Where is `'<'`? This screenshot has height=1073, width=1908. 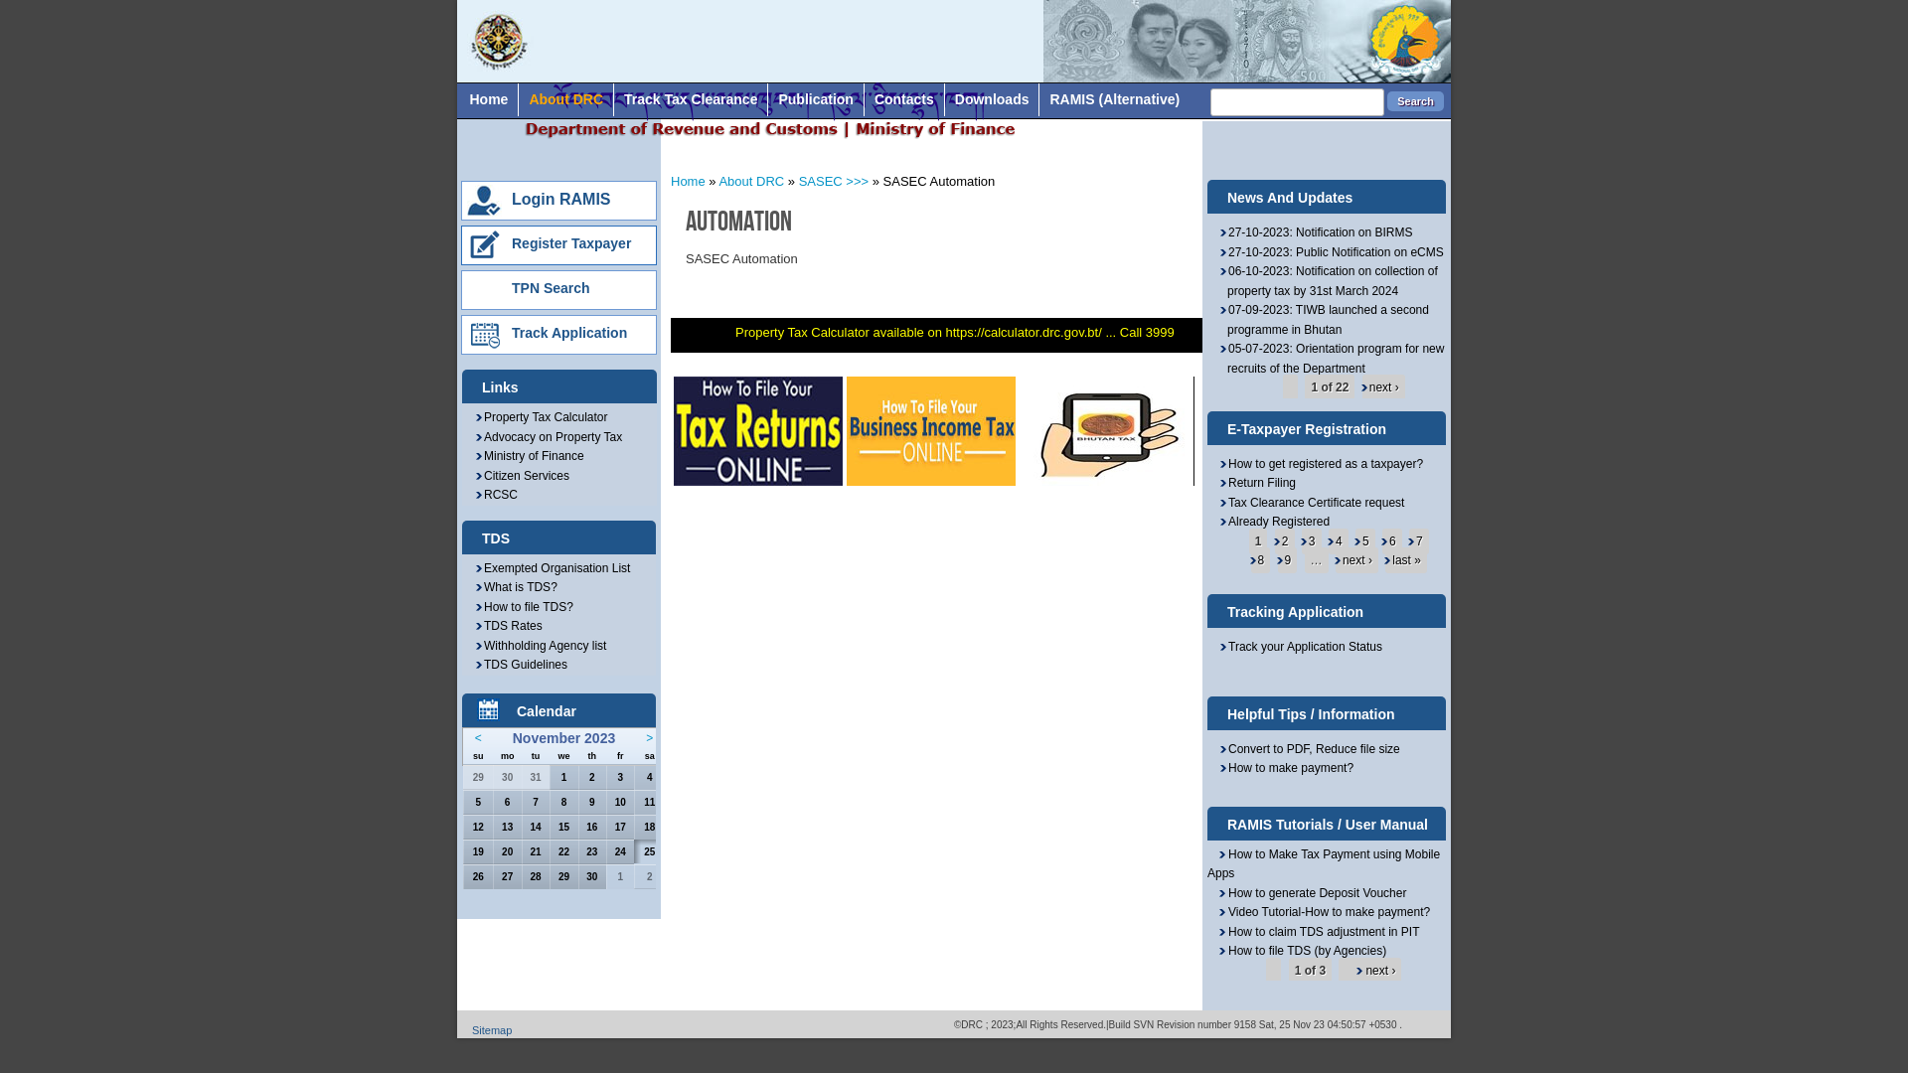
'<' is located at coordinates (478, 738).